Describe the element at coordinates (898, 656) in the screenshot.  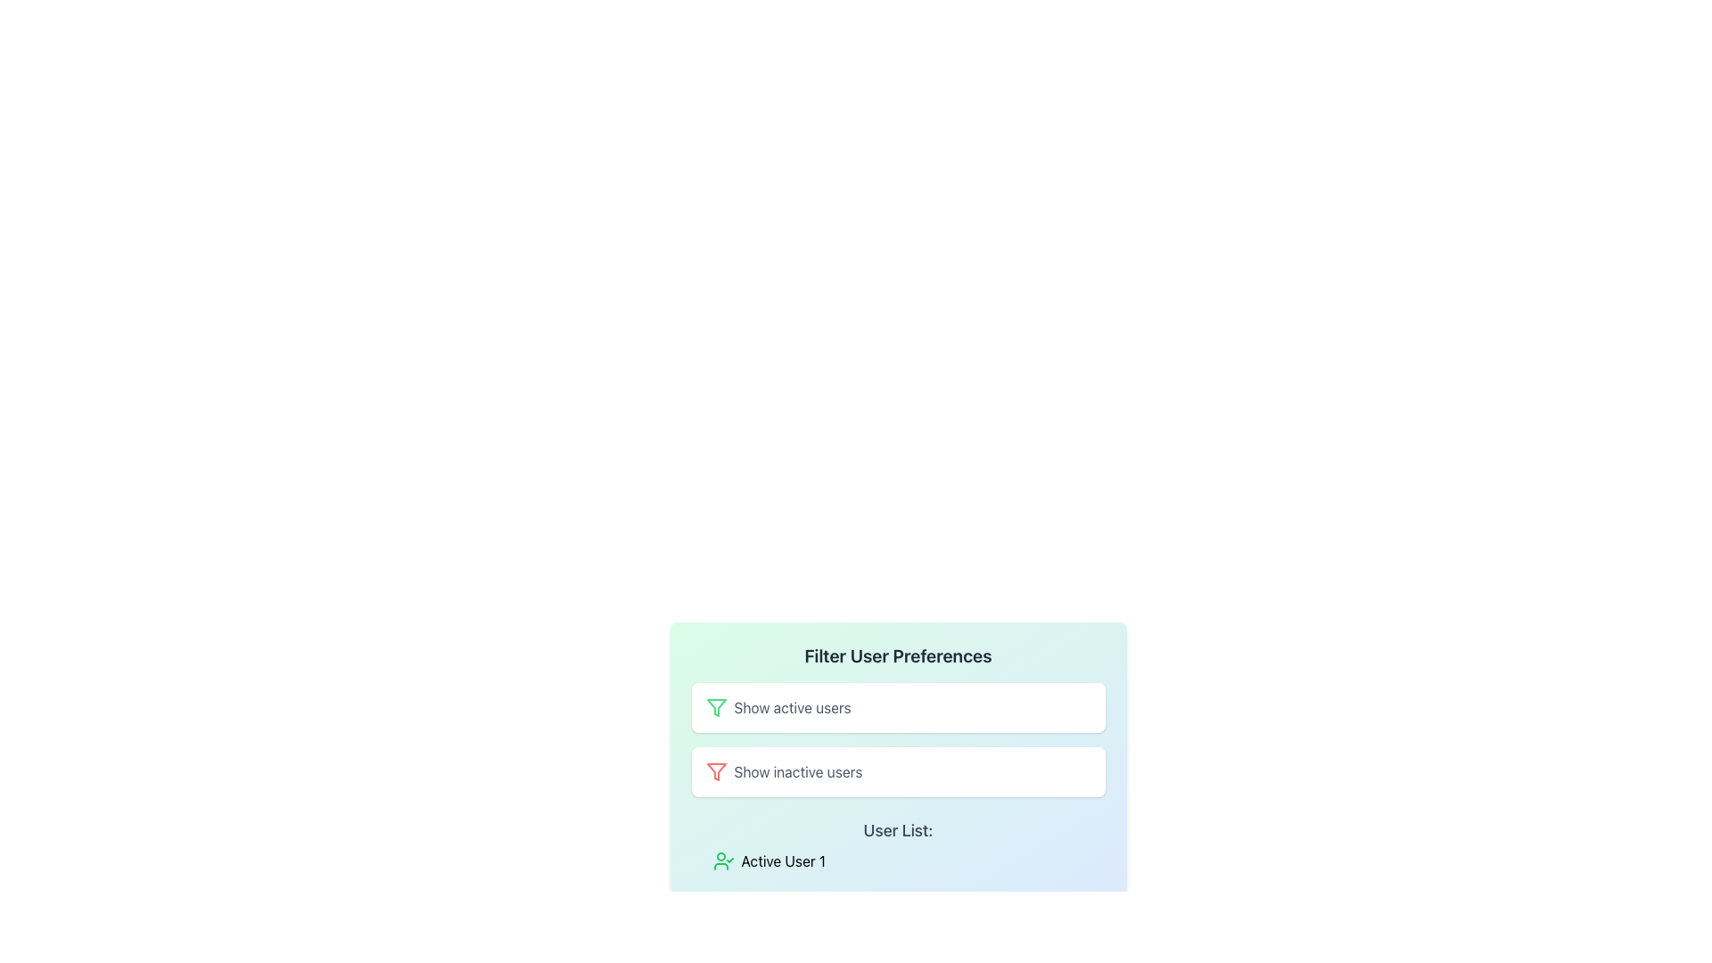
I see `the header text label that describes the functionality of the section, located at the top of a card-like component` at that location.